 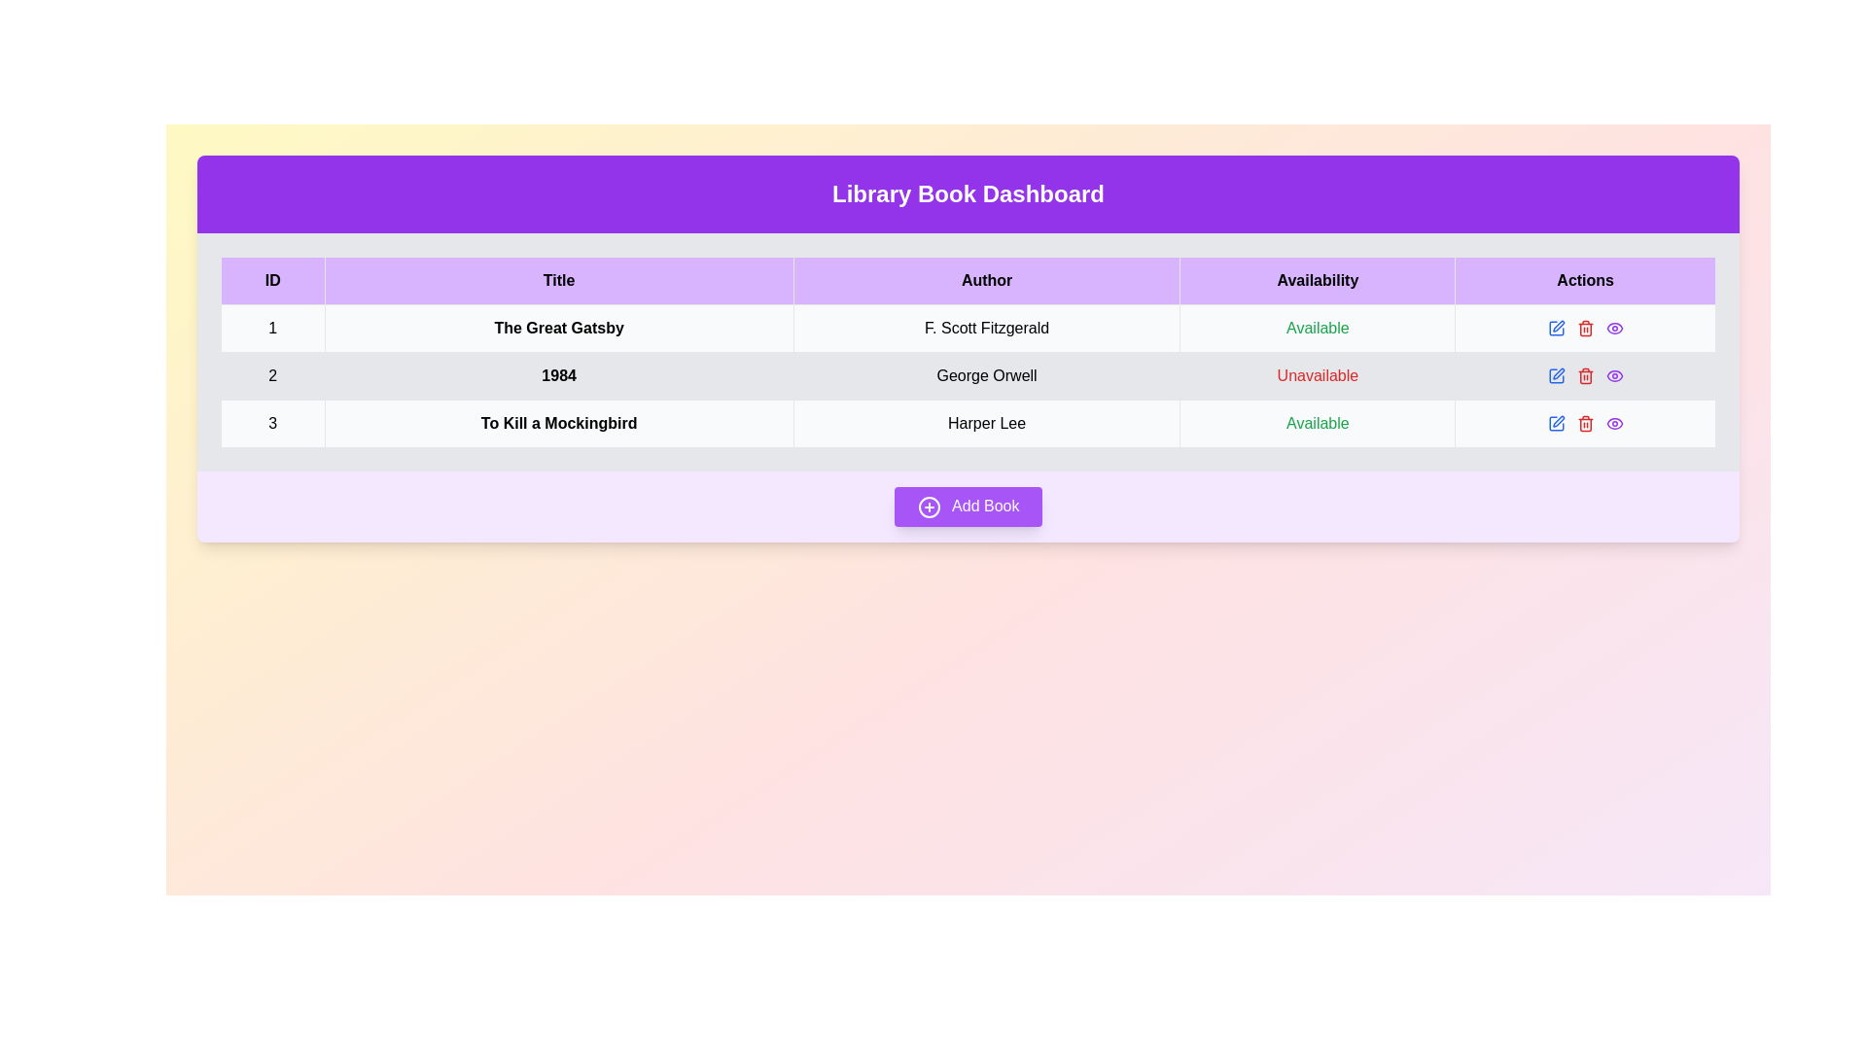 I want to click on the edit button located in the 'Actions' column of the second row, which corresponds to the information for '1984', so click(x=1554, y=375).